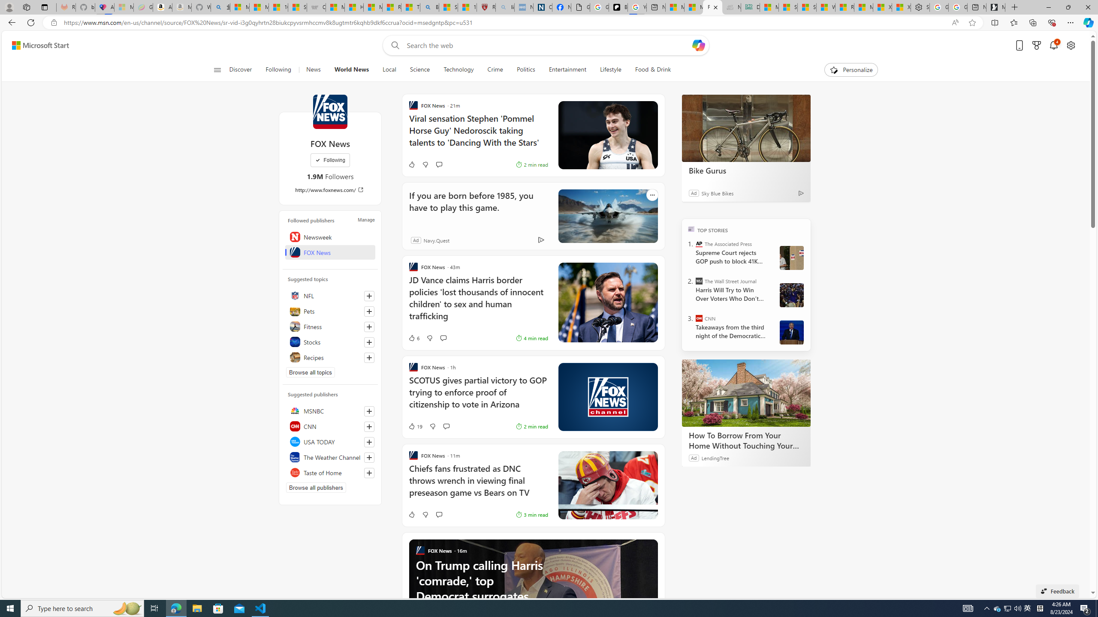 The height and width of the screenshot is (617, 1098). What do you see at coordinates (618, 7) in the screenshot?
I see `'Be Smart | creating Science videos | Patreon'` at bounding box center [618, 7].